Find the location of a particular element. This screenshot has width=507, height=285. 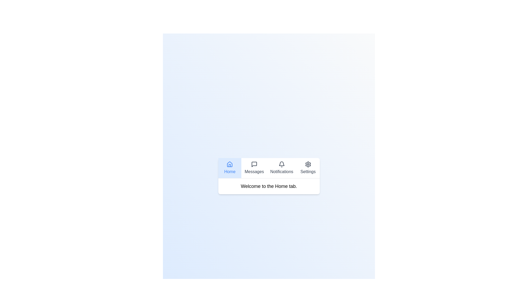

the 'Home' text label located beneath the house icon in the top navigation bar is located at coordinates (230, 172).